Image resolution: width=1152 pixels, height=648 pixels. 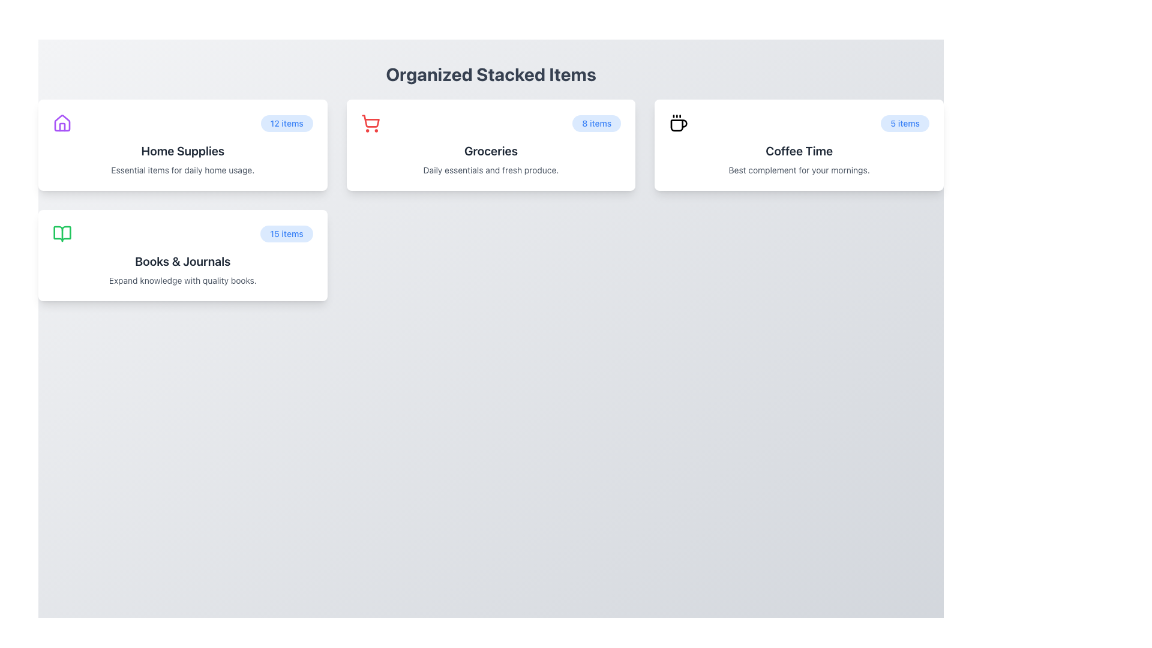 What do you see at coordinates (491, 170) in the screenshot?
I see `text label that displays 'Daily essentials and fresh produce.' located at the bottom of the 'Groceries' card` at bounding box center [491, 170].